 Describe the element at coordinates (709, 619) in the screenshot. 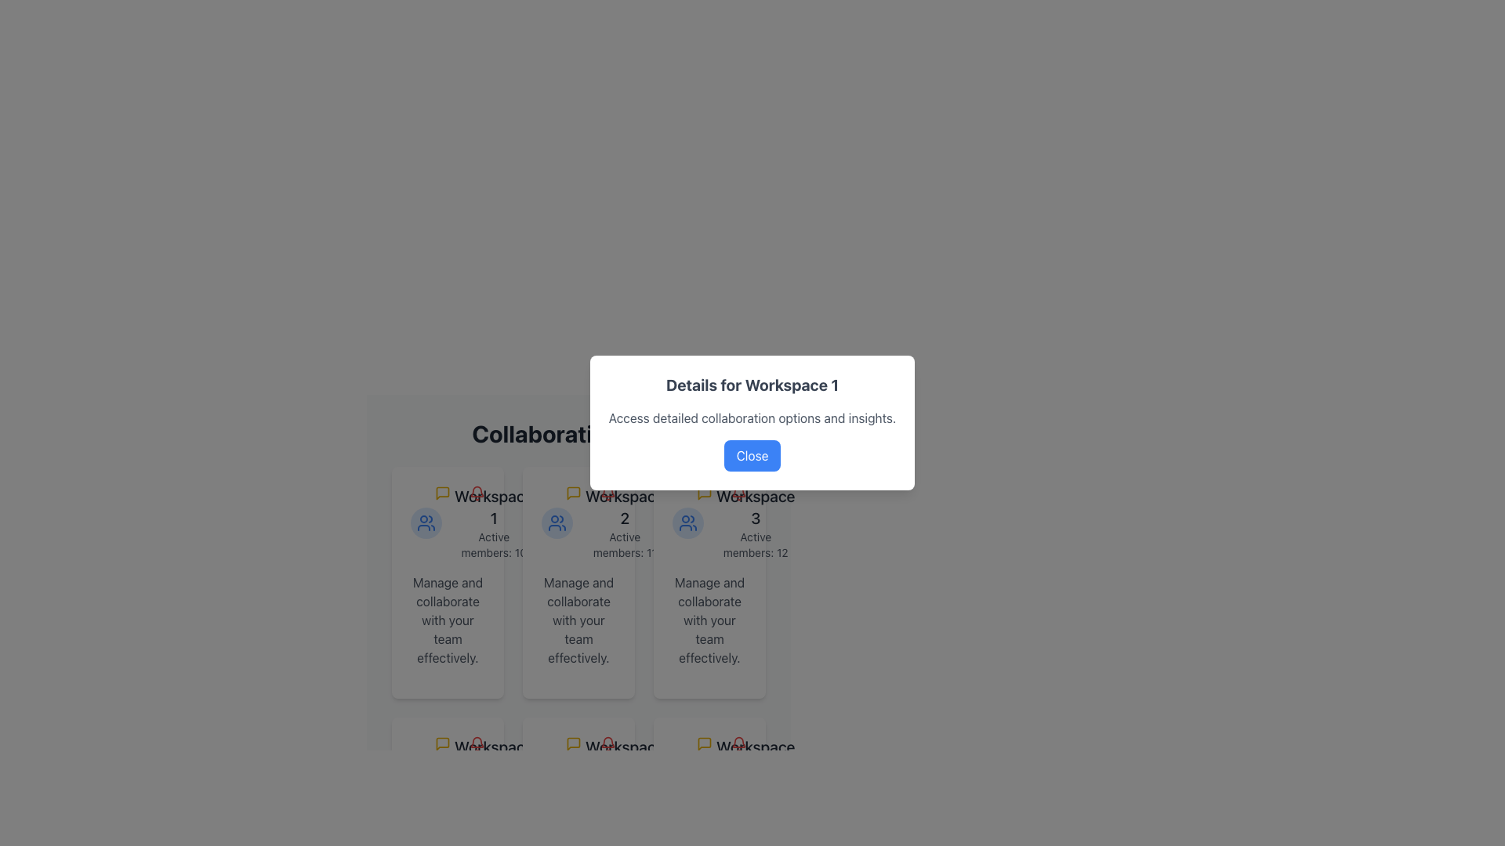

I see `the text label that reads 'Manage and collaborate with your team effectively.' located in the lower part of the 'Workspace 3' card, below 'Active members: 12'` at that location.